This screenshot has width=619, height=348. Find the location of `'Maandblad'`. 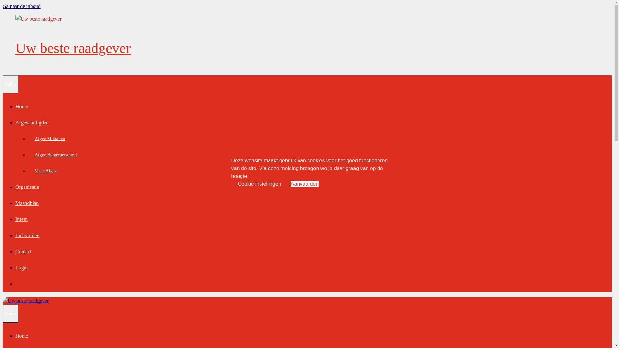

'Maandblad' is located at coordinates (26, 203).